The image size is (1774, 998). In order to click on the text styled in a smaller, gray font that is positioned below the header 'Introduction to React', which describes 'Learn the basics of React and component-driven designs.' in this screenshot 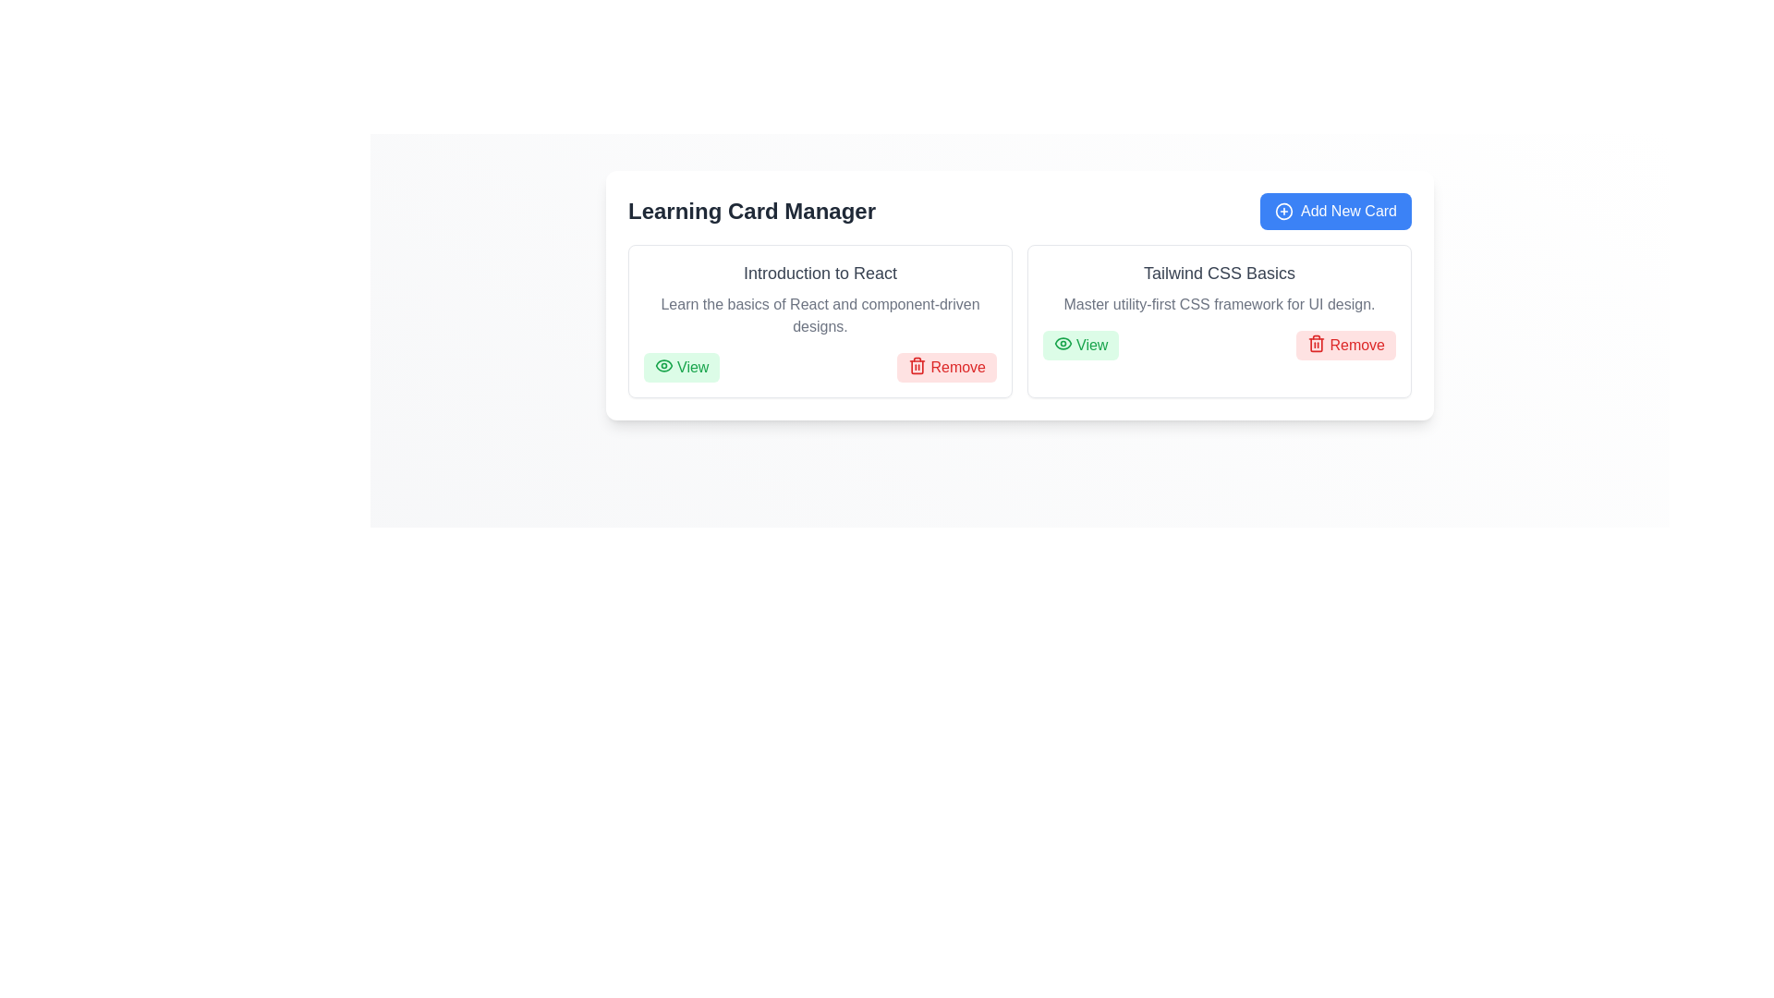, I will do `click(820, 315)`.